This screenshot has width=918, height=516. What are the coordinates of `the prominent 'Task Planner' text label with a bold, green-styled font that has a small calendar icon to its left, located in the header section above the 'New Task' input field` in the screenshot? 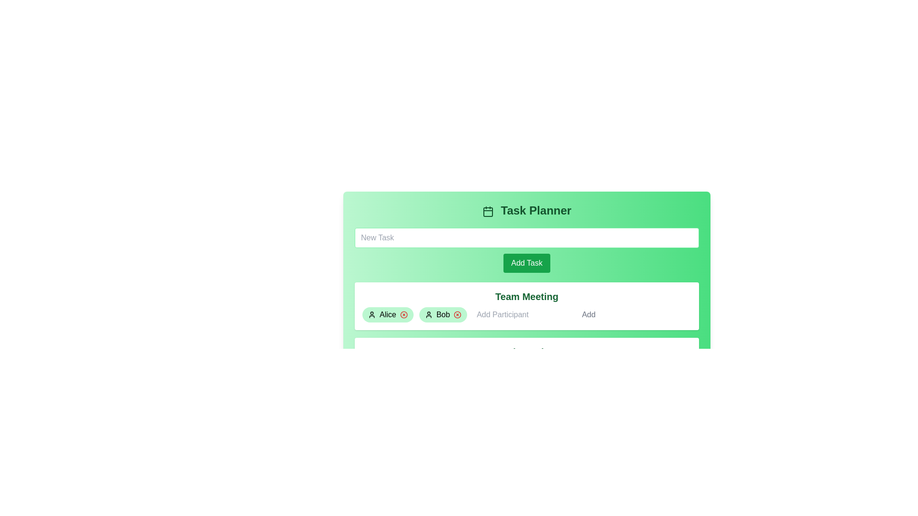 It's located at (526, 210).